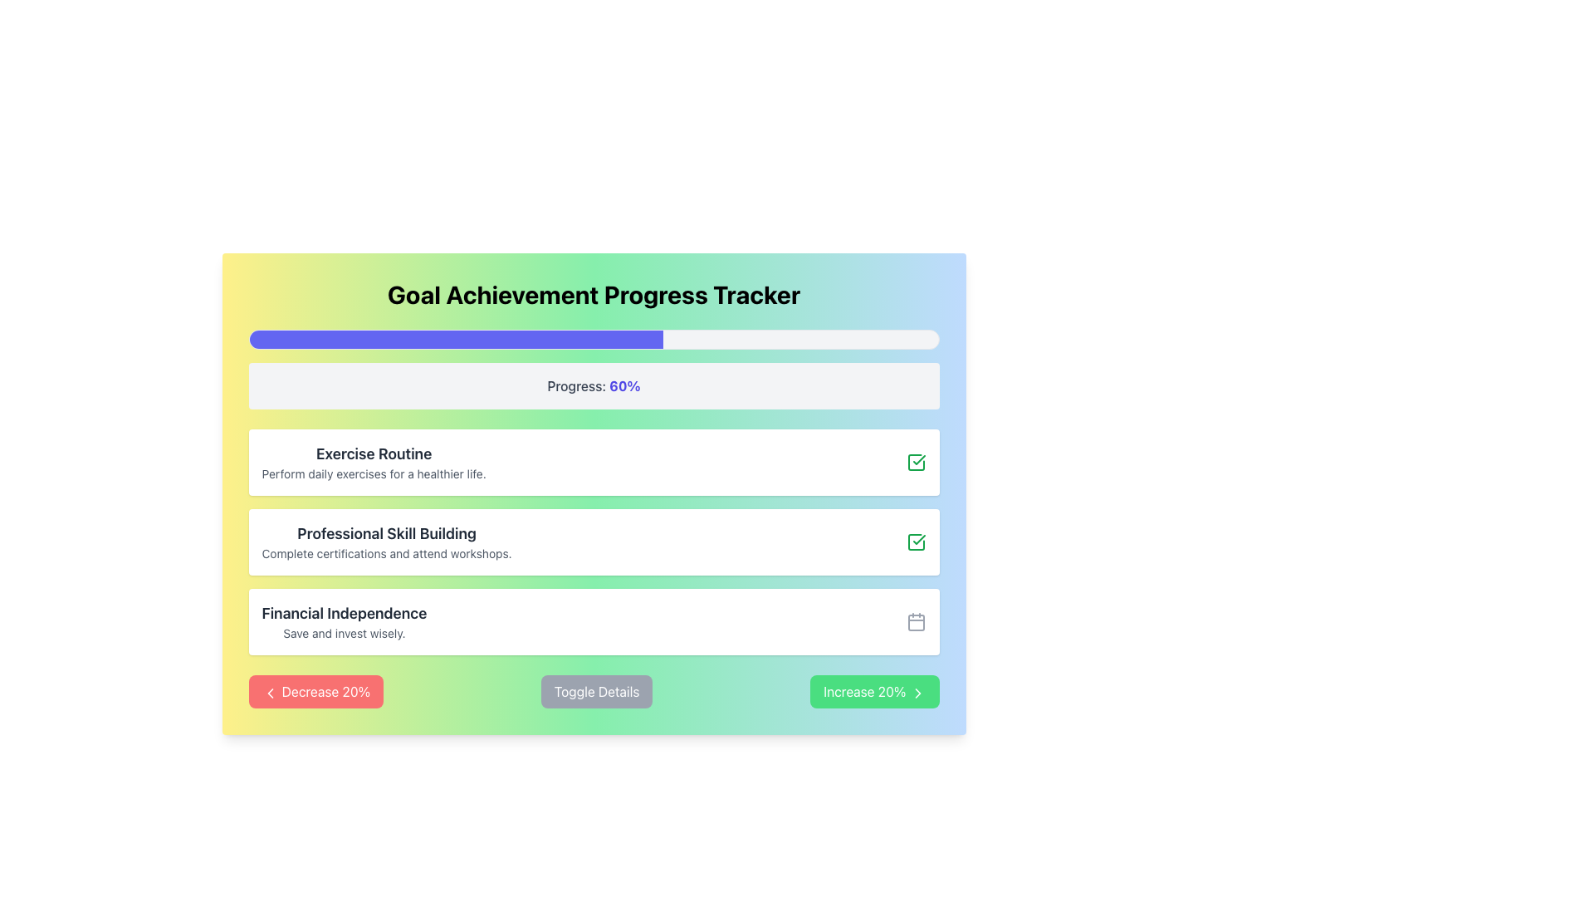 Image resolution: width=1594 pixels, height=897 pixels. What do you see at coordinates (915, 542) in the screenshot?
I see `the checkbox styled with a checkmark located in the 'Professional Skill Building' row` at bounding box center [915, 542].